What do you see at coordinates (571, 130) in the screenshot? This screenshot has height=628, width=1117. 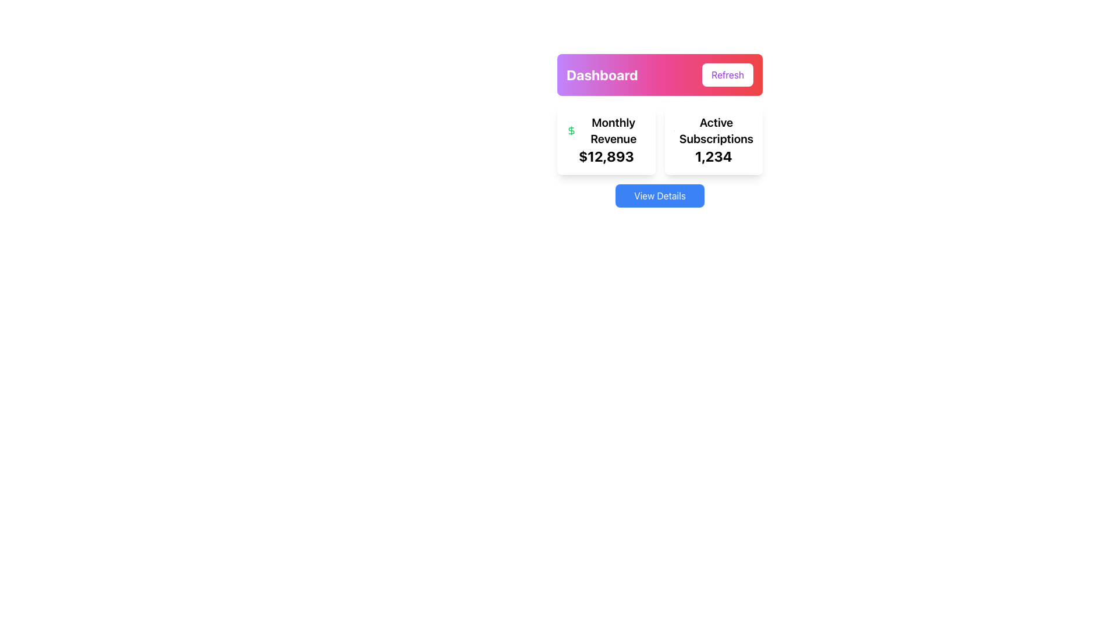 I see `the monetary icon representing revenue information, which is positioned to the left of the 'Monthly Revenue' text and above the numerical value` at bounding box center [571, 130].